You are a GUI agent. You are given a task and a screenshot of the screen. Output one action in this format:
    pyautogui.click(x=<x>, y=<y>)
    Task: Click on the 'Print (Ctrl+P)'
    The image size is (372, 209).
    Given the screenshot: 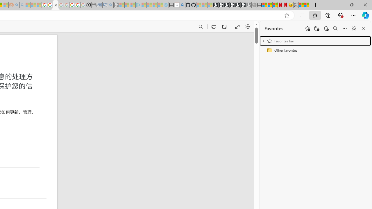 What is the action you would take?
    pyautogui.click(x=213, y=27)
    